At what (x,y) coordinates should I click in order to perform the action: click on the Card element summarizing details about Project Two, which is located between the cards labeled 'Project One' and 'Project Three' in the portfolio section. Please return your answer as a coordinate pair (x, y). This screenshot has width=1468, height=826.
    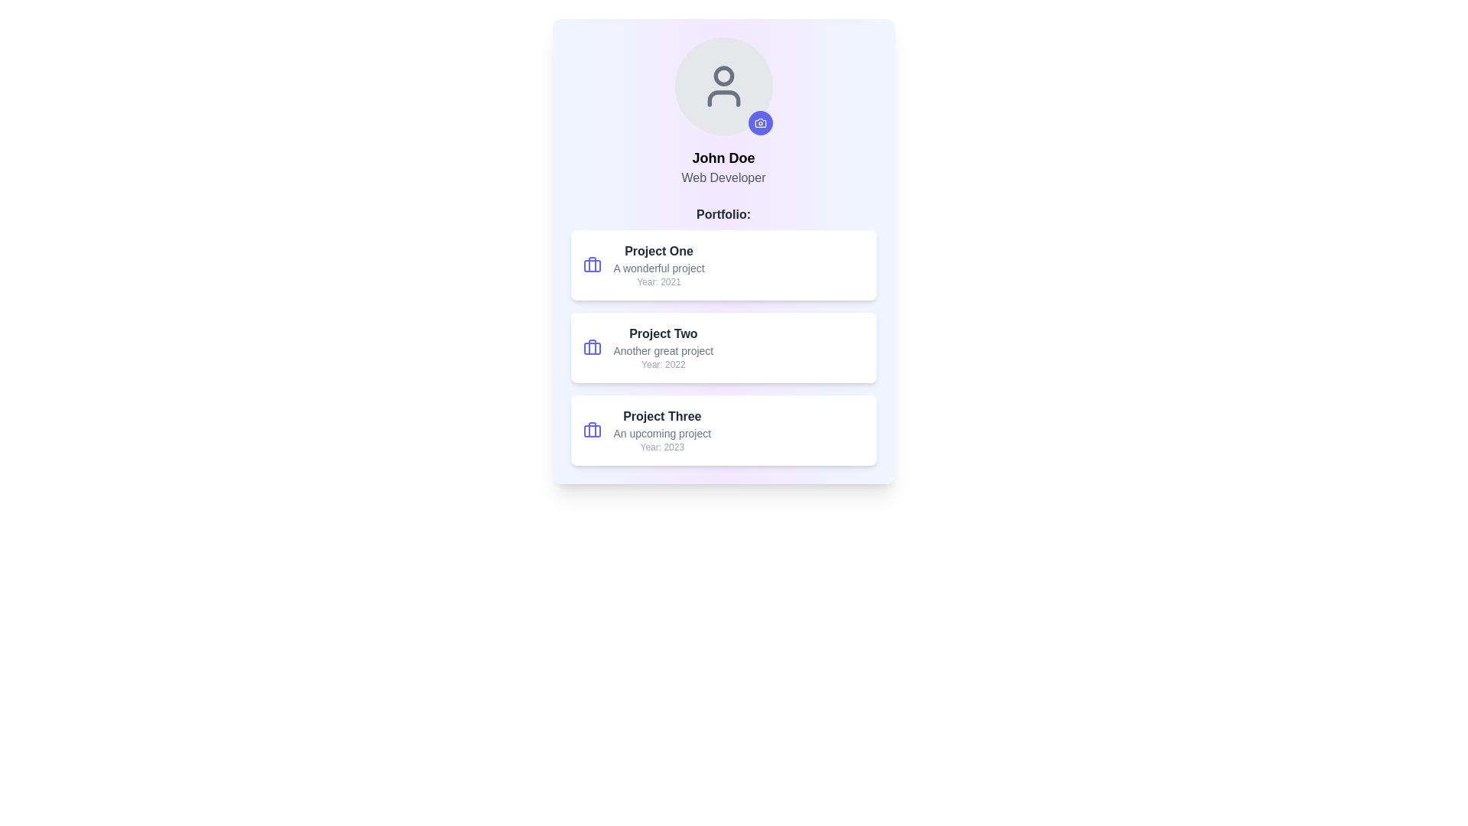
    Looking at the image, I should click on (723, 348).